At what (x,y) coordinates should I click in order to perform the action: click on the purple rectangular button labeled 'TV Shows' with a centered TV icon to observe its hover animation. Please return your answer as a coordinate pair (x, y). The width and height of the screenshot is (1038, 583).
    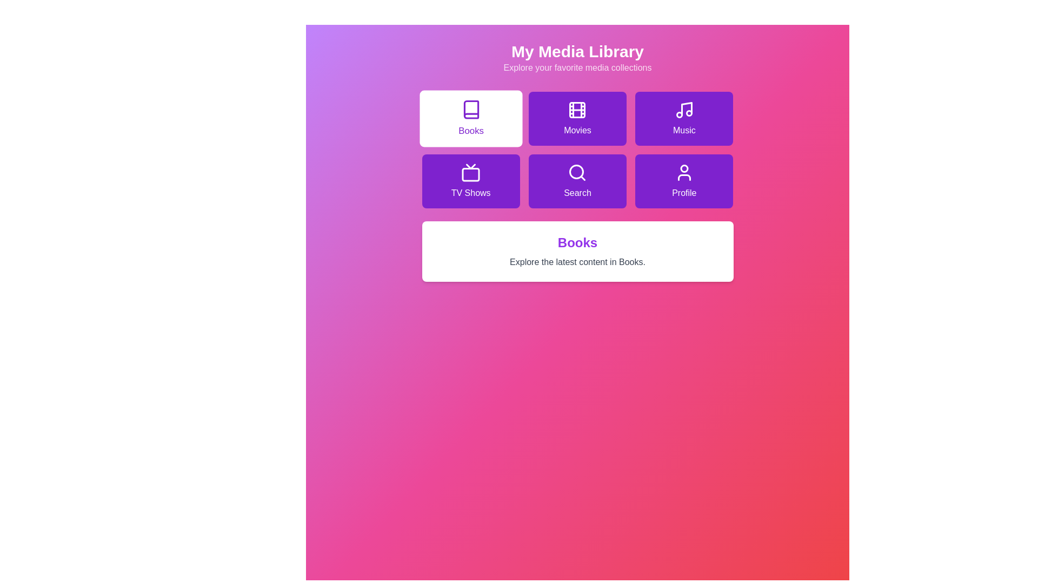
    Looking at the image, I should click on (471, 180).